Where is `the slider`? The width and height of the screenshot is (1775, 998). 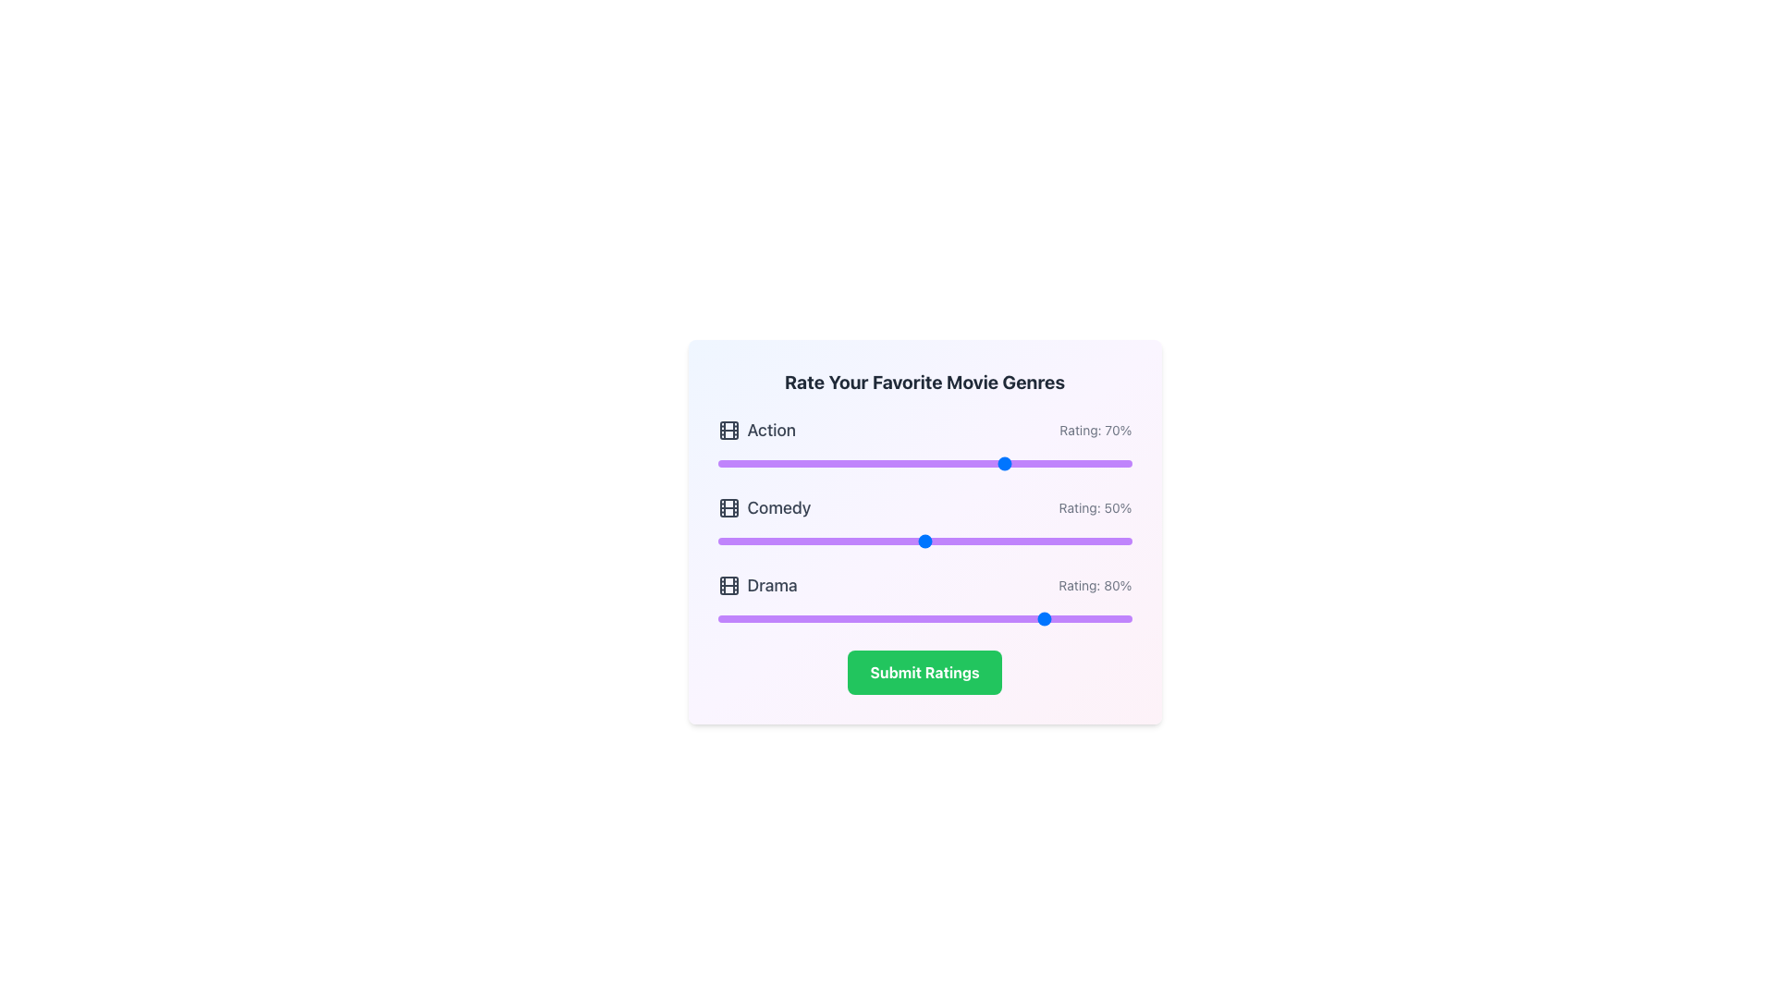 the slider is located at coordinates (813, 541).